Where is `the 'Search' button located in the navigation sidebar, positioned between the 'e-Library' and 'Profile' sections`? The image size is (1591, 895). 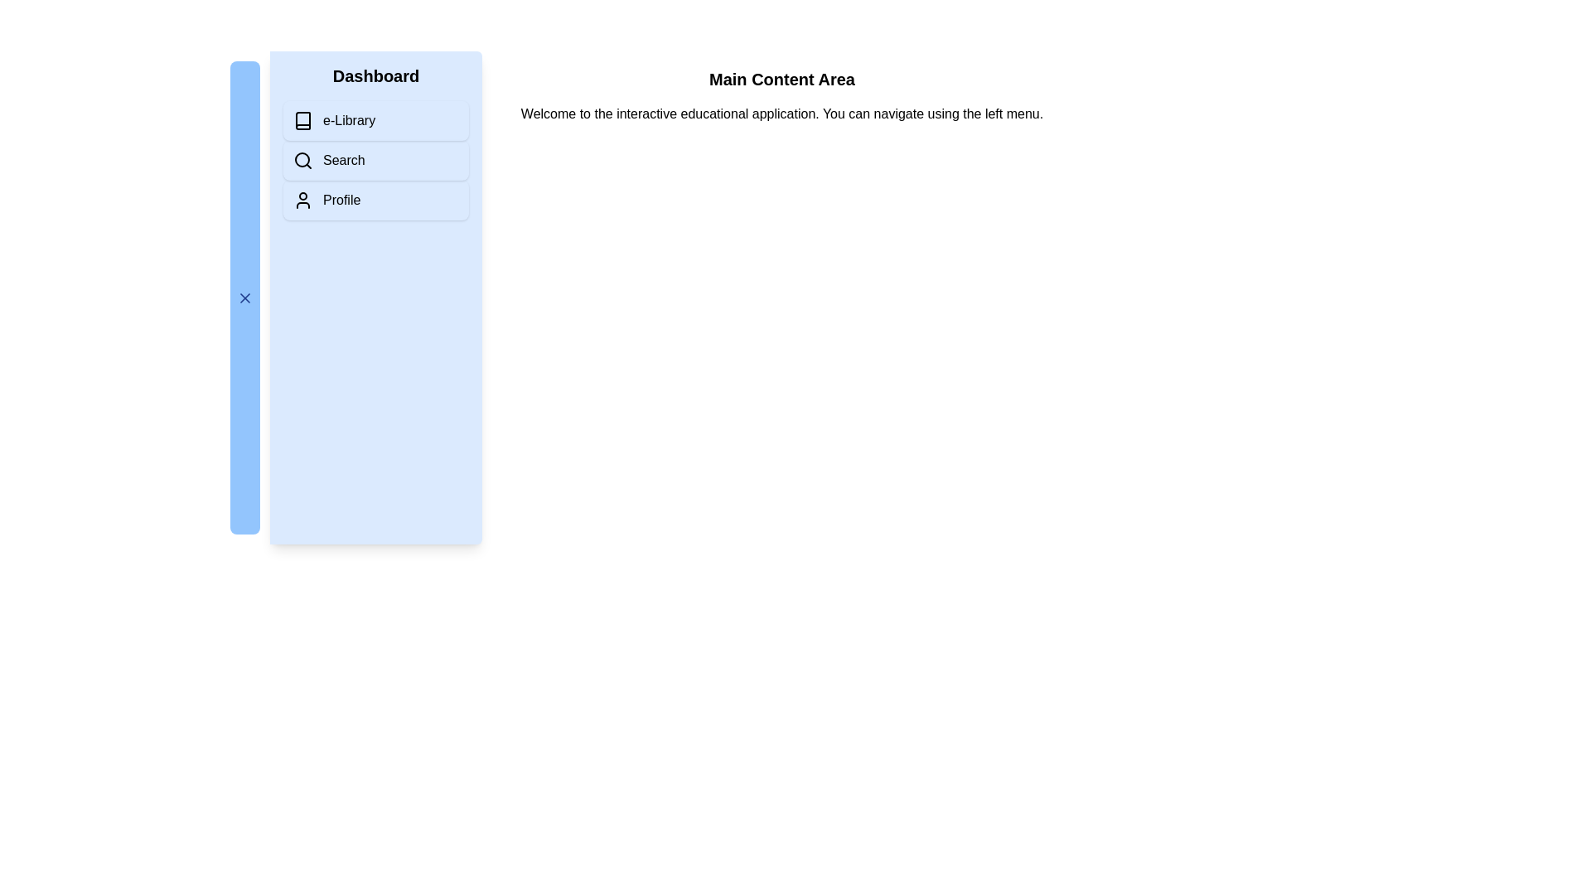
the 'Search' button located in the navigation sidebar, positioned between the 'e-Library' and 'Profile' sections is located at coordinates (375, 160).